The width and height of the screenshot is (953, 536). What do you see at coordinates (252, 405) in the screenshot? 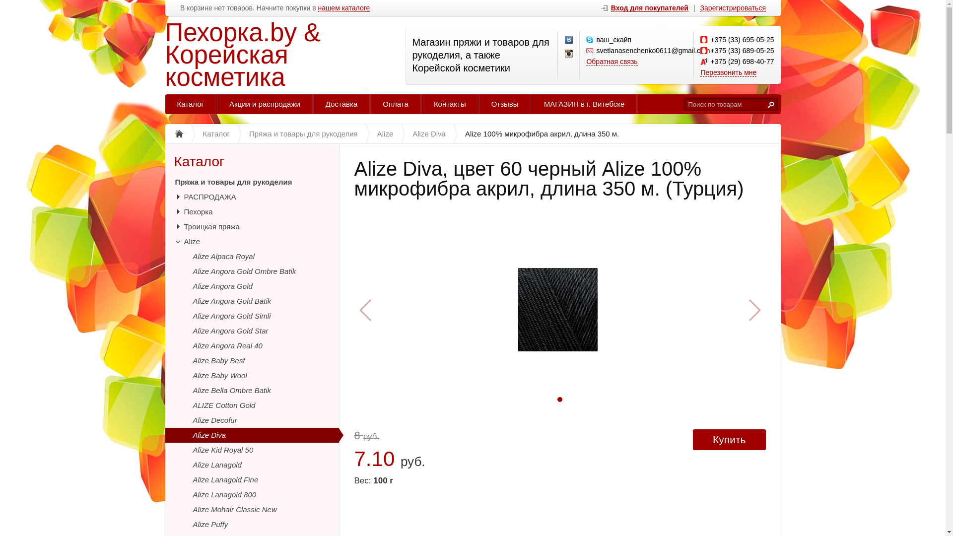
I see `'ALIZE Cotton Gold'` at bounding box center [252, 405].